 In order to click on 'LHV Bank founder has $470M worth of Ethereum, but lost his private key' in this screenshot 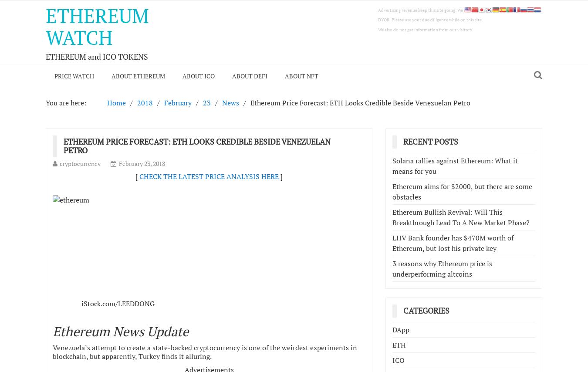, I will do `click(453, 243)`.